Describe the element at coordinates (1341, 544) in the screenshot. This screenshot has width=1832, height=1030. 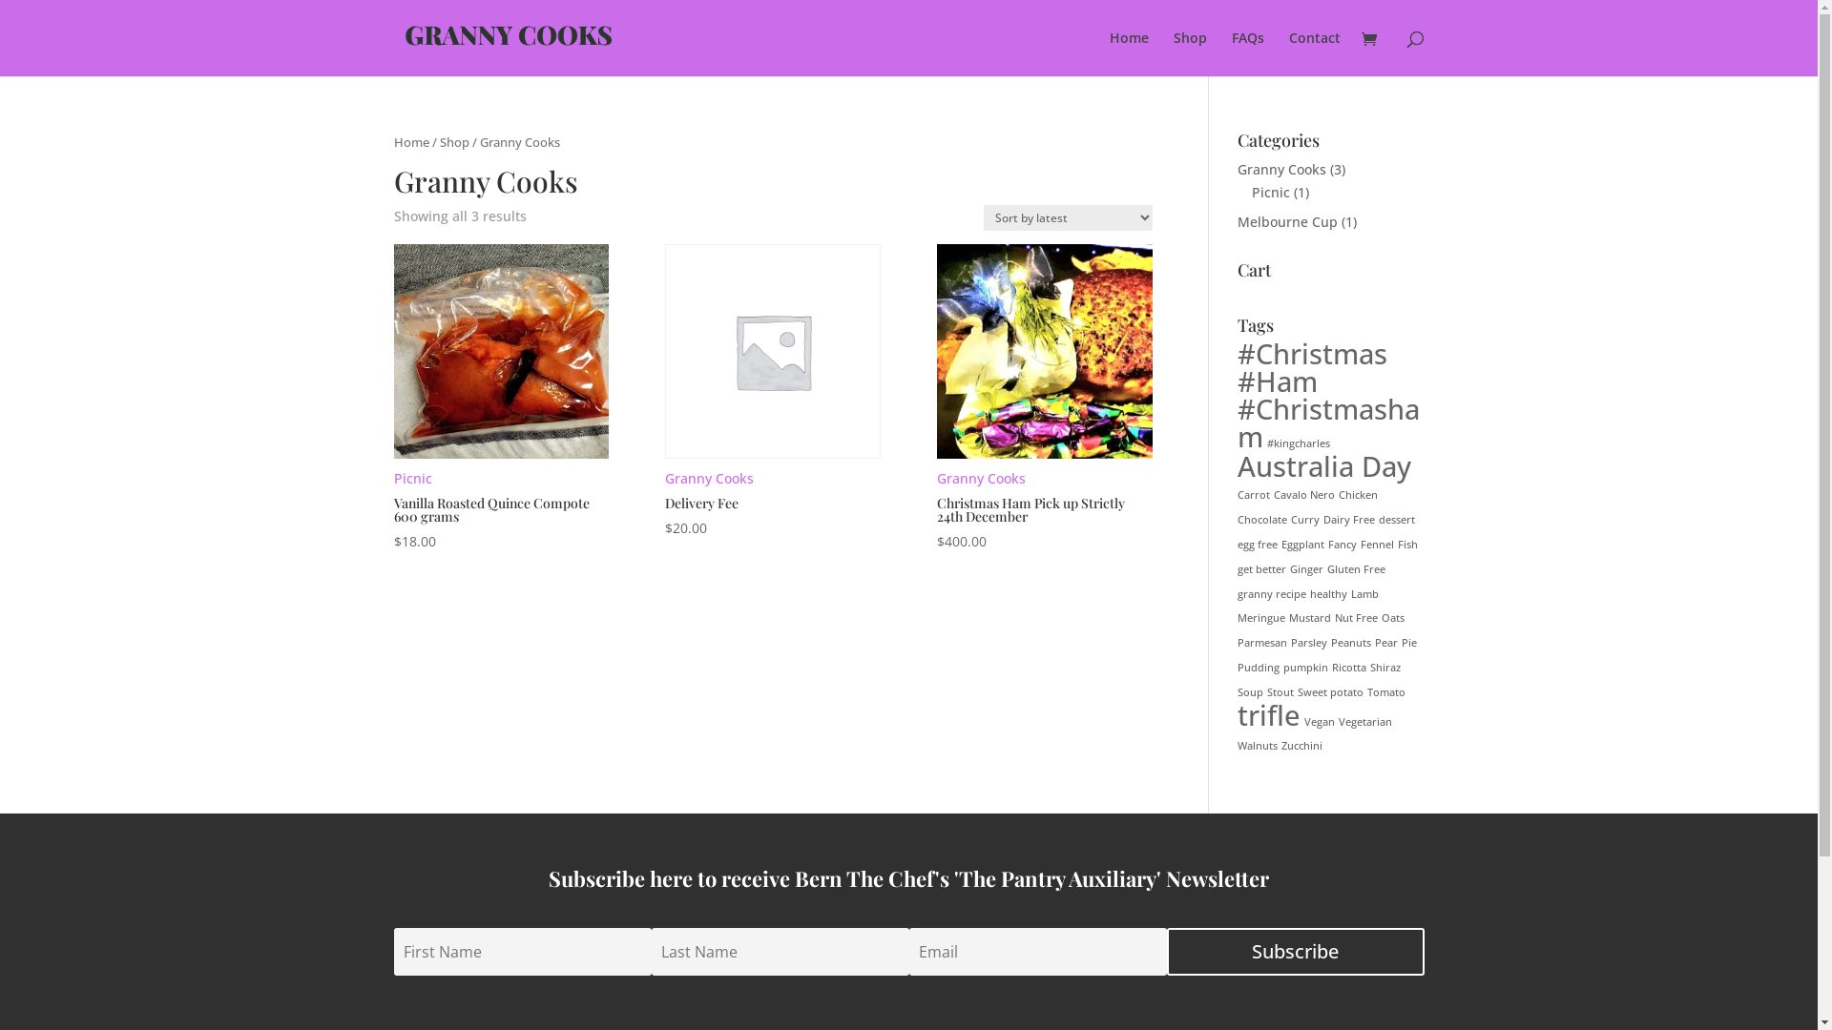
I see `'Fancy'` at that location.